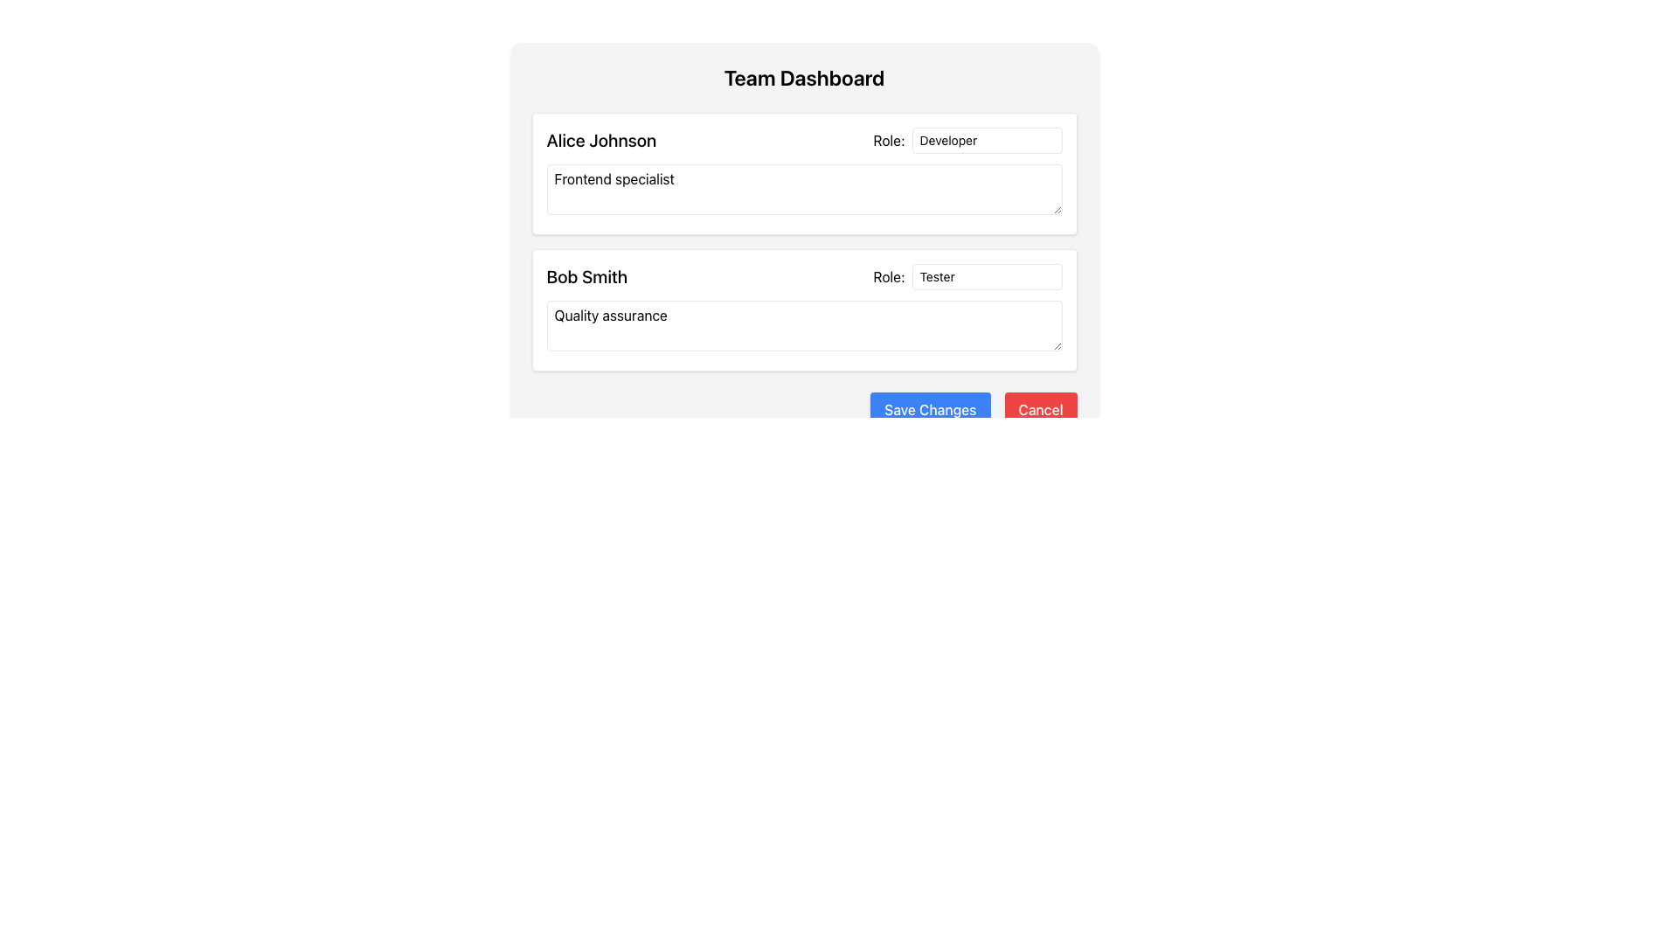 The height and width of the screenshot is (944, 1678). What do you see at coordinates (889, 140) in the screenshot?
I see `the label displaying 'Role:' which is positioned to the left of the 'Developer' field in the top user section for 'Alice Johnson'` at bounding box center [889, 140].